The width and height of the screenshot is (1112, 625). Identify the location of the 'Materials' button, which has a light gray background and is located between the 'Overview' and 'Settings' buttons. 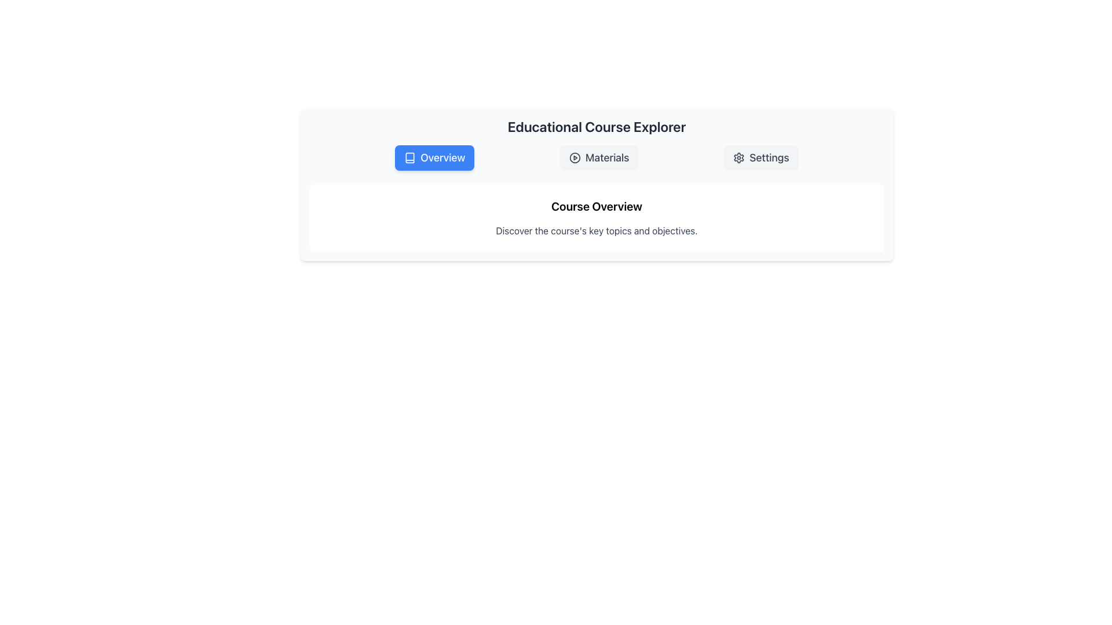
(599, 158).